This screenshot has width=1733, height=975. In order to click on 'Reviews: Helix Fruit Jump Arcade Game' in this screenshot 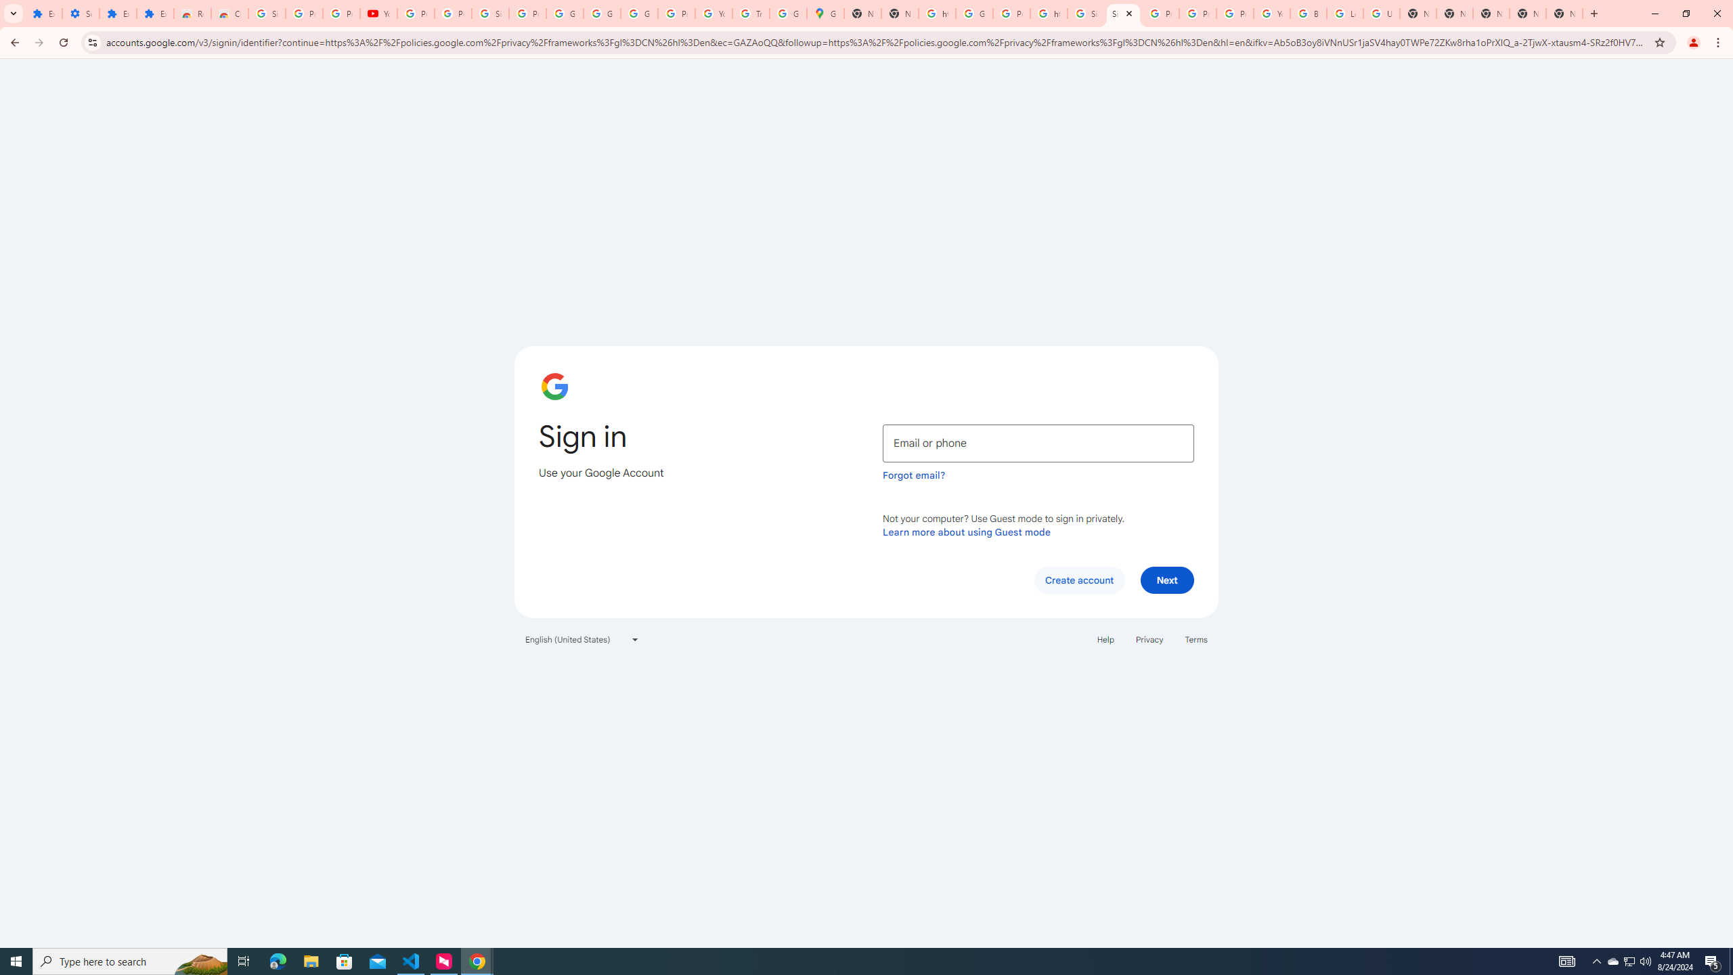, I will do `click(192, 13)`.